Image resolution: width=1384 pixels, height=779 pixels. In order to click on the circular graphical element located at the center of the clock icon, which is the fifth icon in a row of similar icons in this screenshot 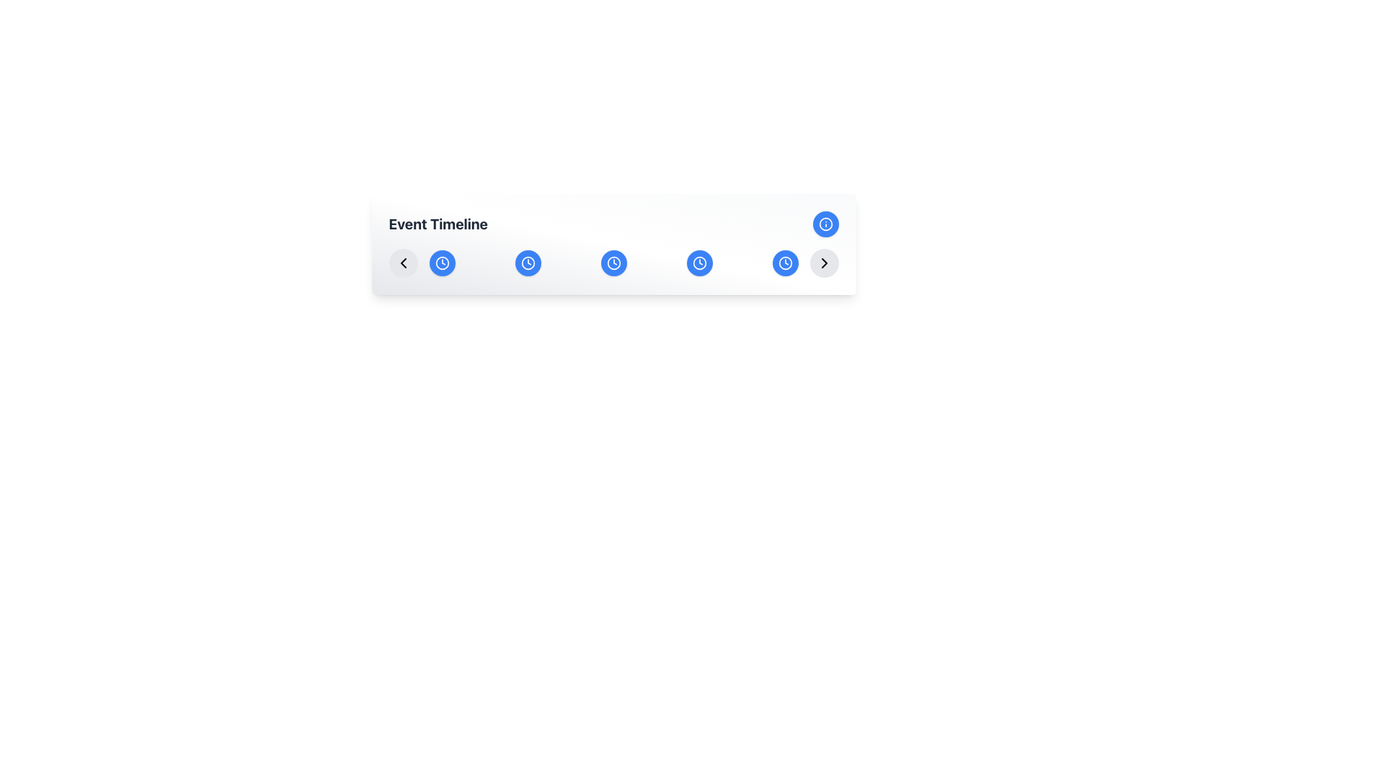, I will do `click(699, 263)`.